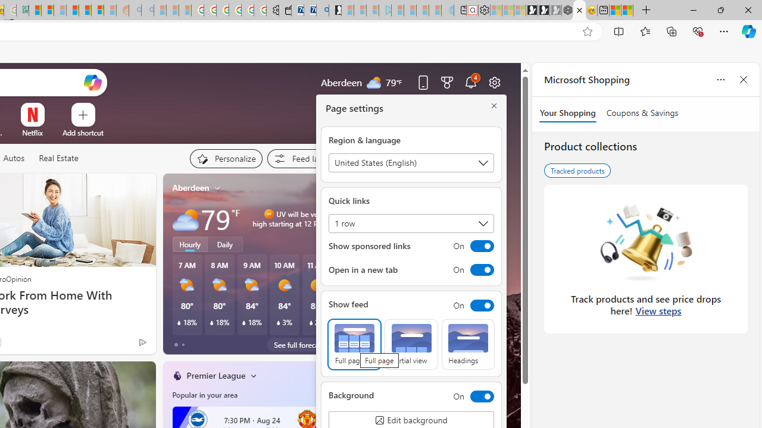  Describe the element at coordinates (58, 158) in the screenshot. I see `'Real Estate'` at that location.